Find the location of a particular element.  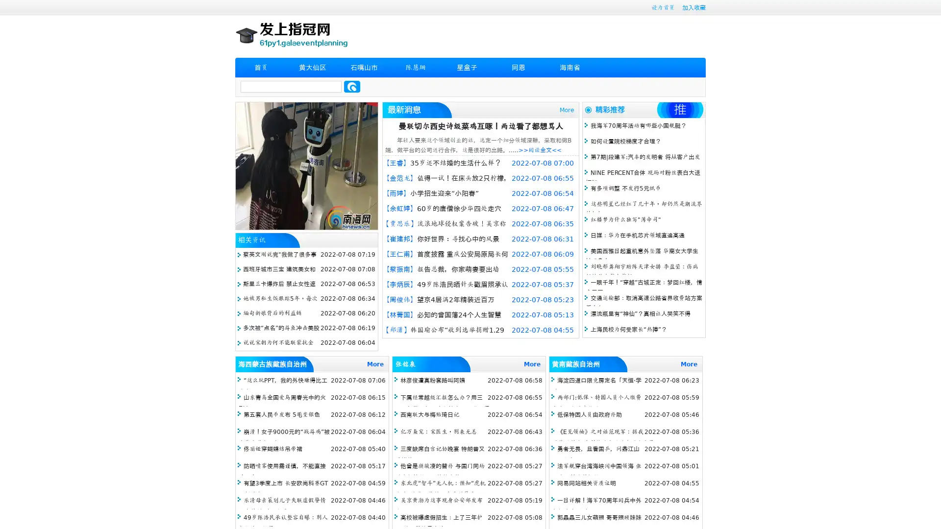

Search is located at coordinates (352, 86).